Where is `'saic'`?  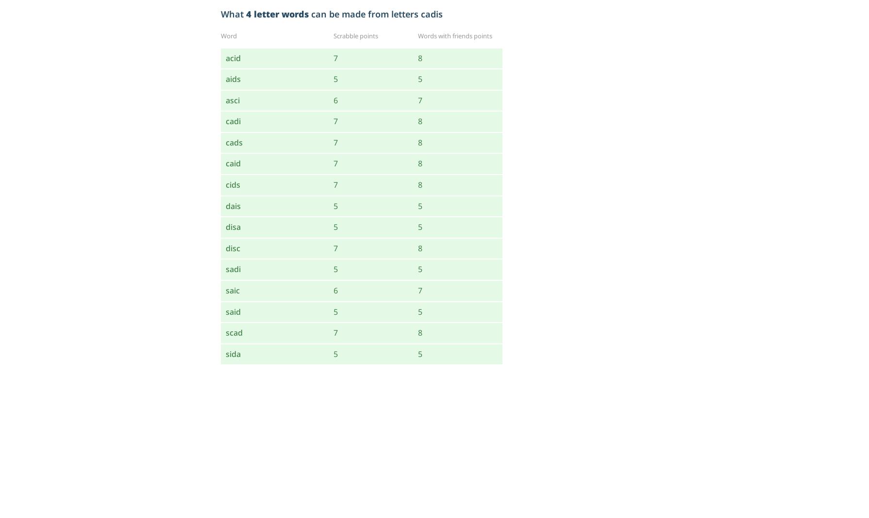
'saic' is located at coordinates (225, 290).